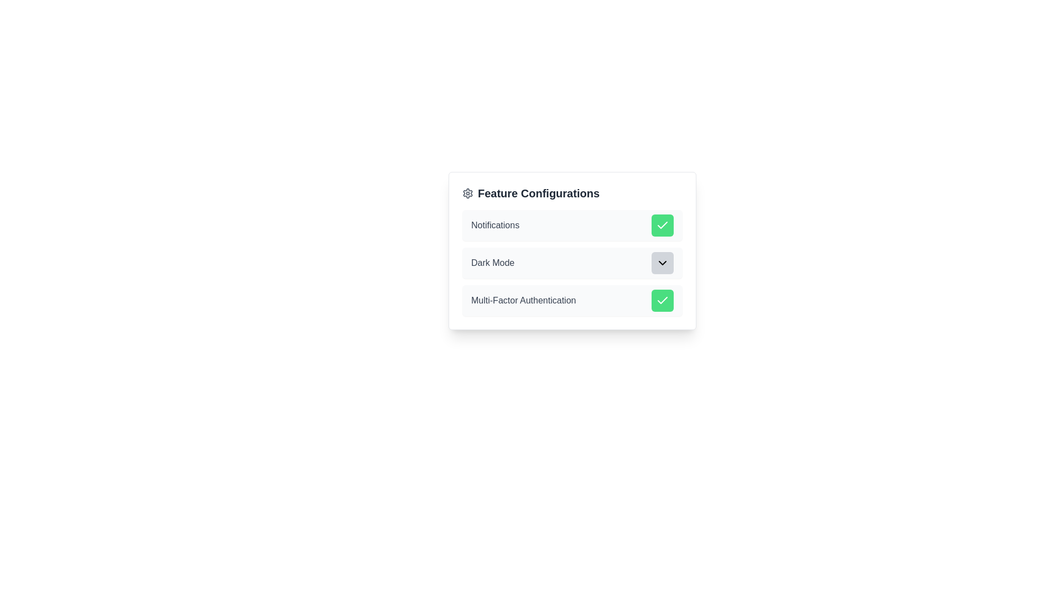 Image resolution: width=1062 pixels, height=597 pixels. Describe the element at coordinates (572, 225) in the screenshot. I see `the 'Notifications' configuration option in the settings list` at that location.